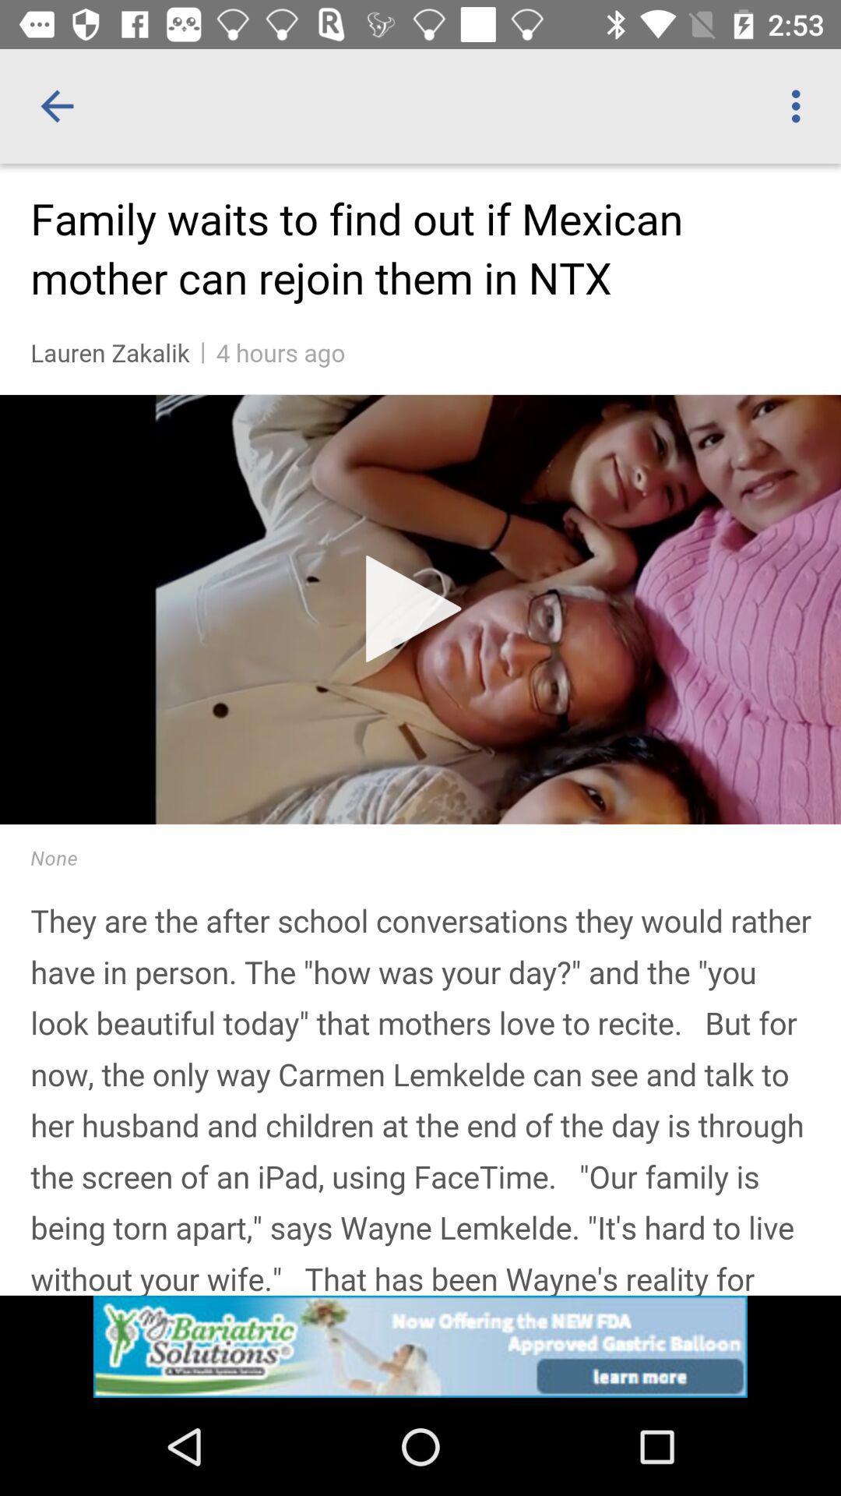 The height and width of the screenshot is (1496, 841). Describe the element at coordinates (420, 1346) in the screenshot. I see `install the app` at that location.